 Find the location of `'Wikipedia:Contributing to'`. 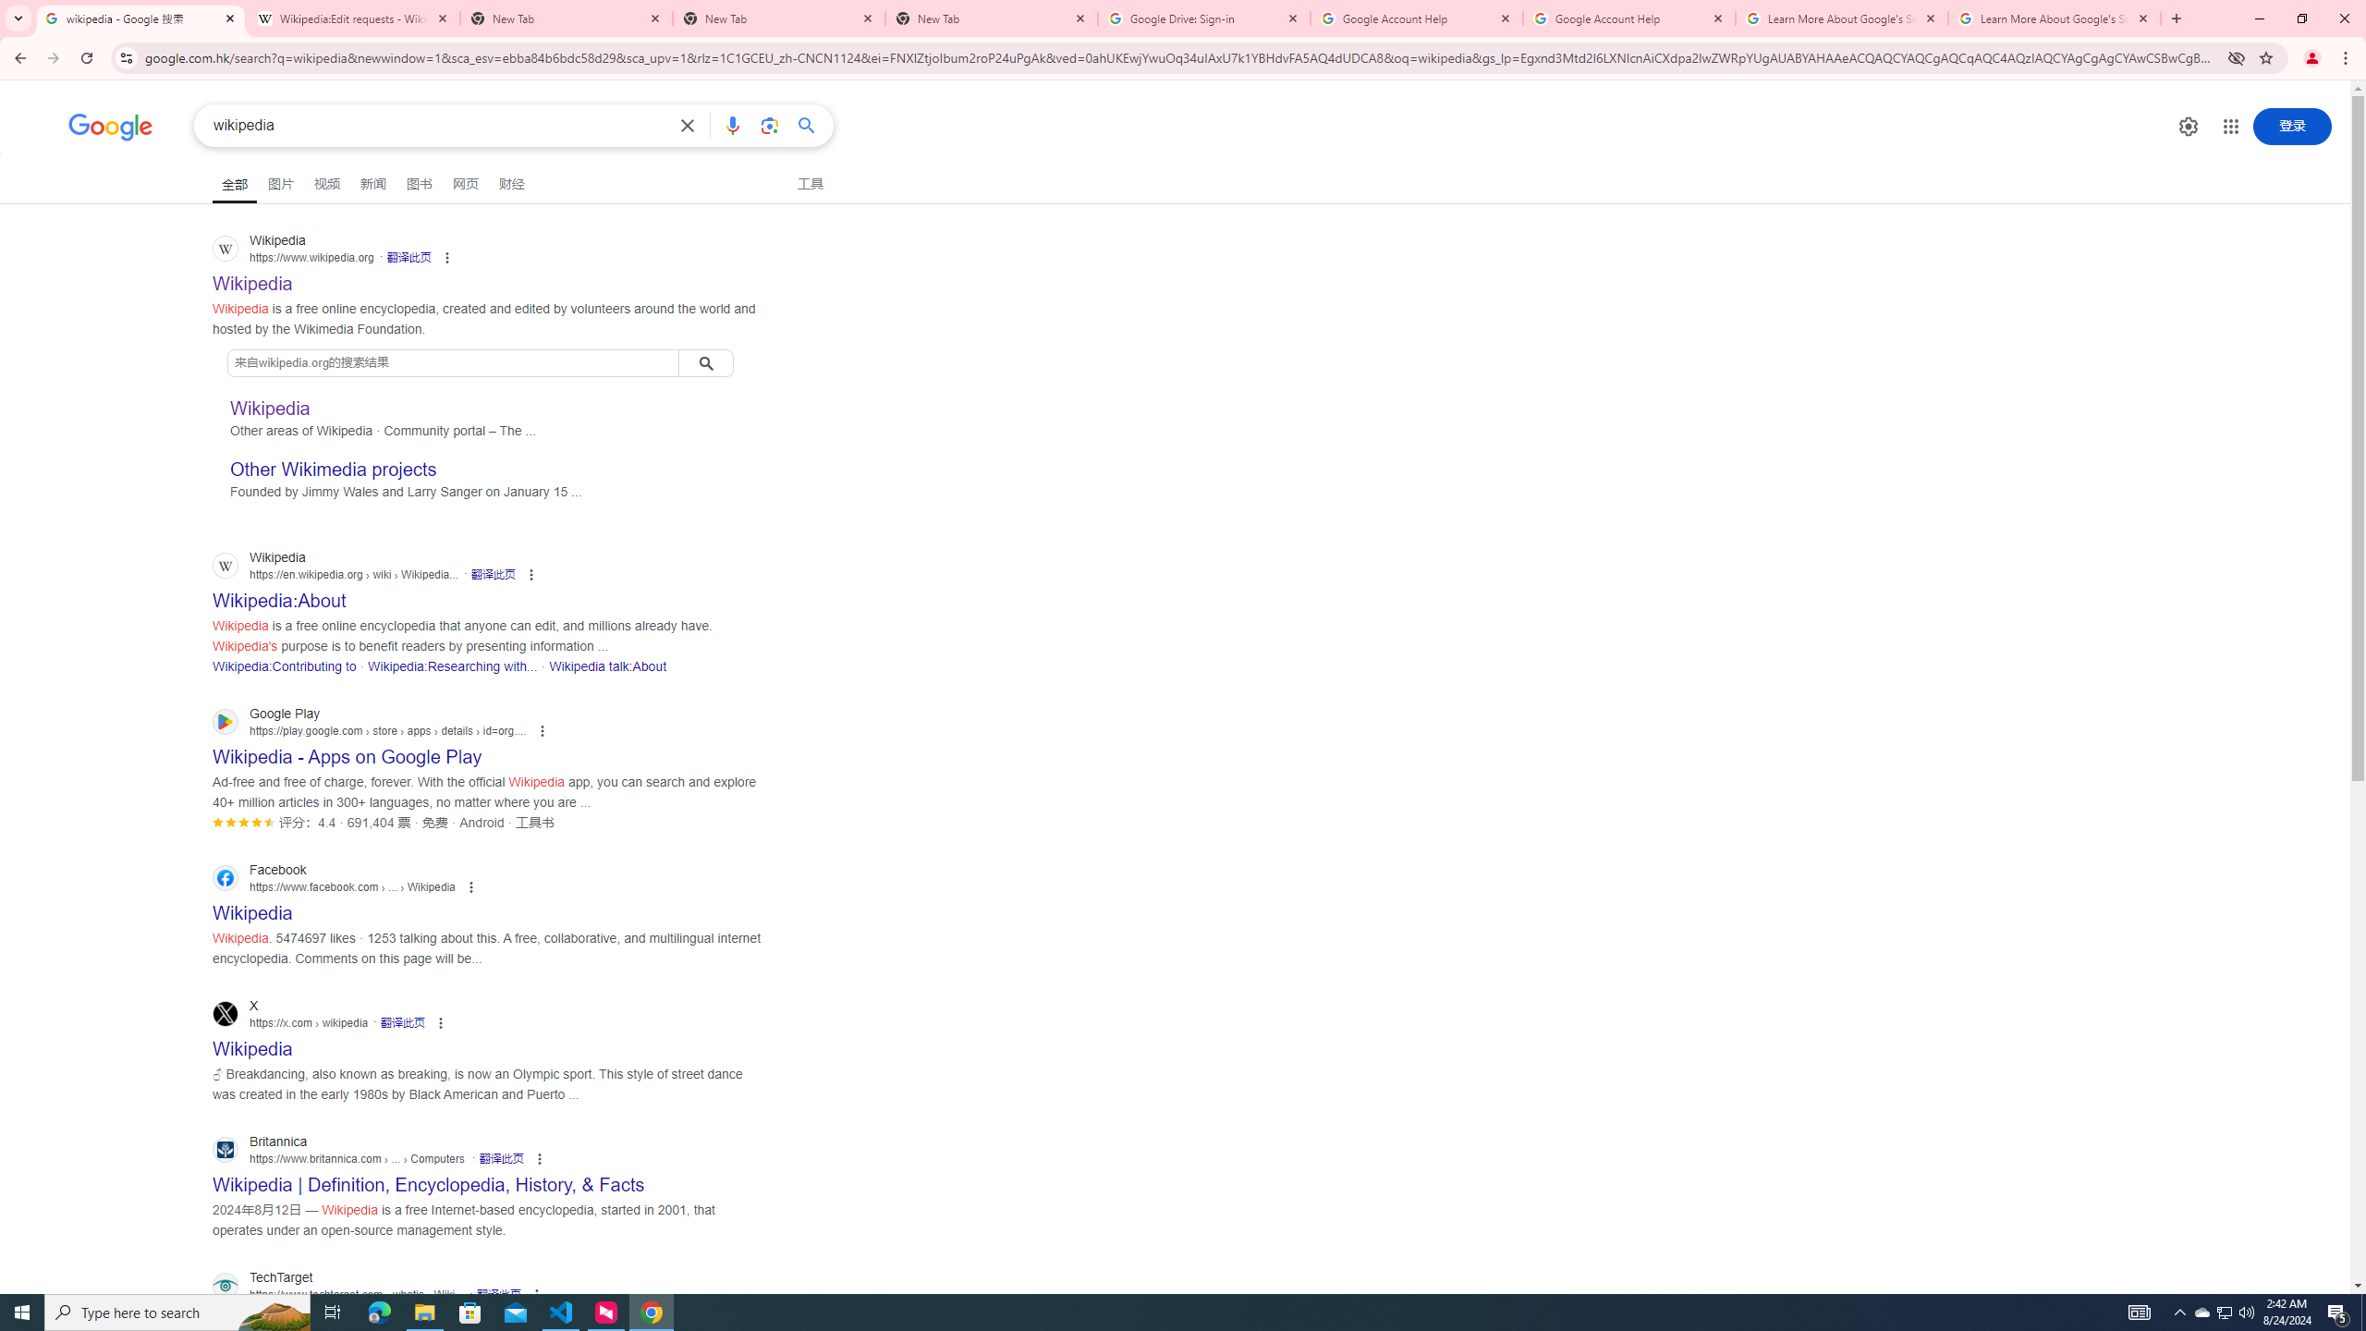

'Wikipedia:Contributing to' is located at coordinates (284, 665).